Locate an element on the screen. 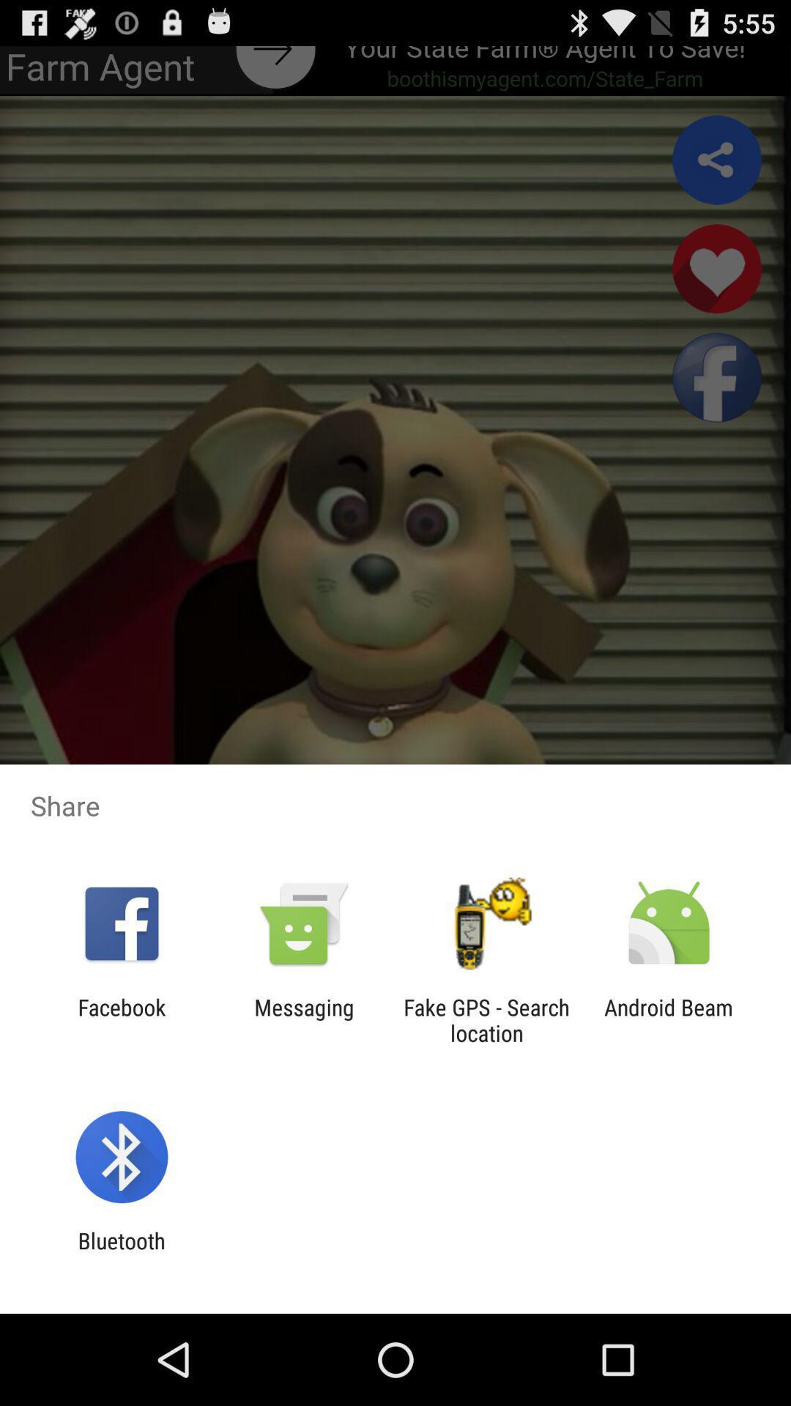 The height and width of the screenshot is (1406, 791). the icon to the right of the facebook is located at coordinates (303, 1019).